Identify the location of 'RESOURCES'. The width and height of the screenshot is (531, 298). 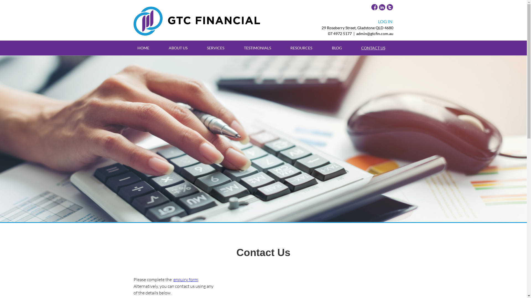
(301, 47).